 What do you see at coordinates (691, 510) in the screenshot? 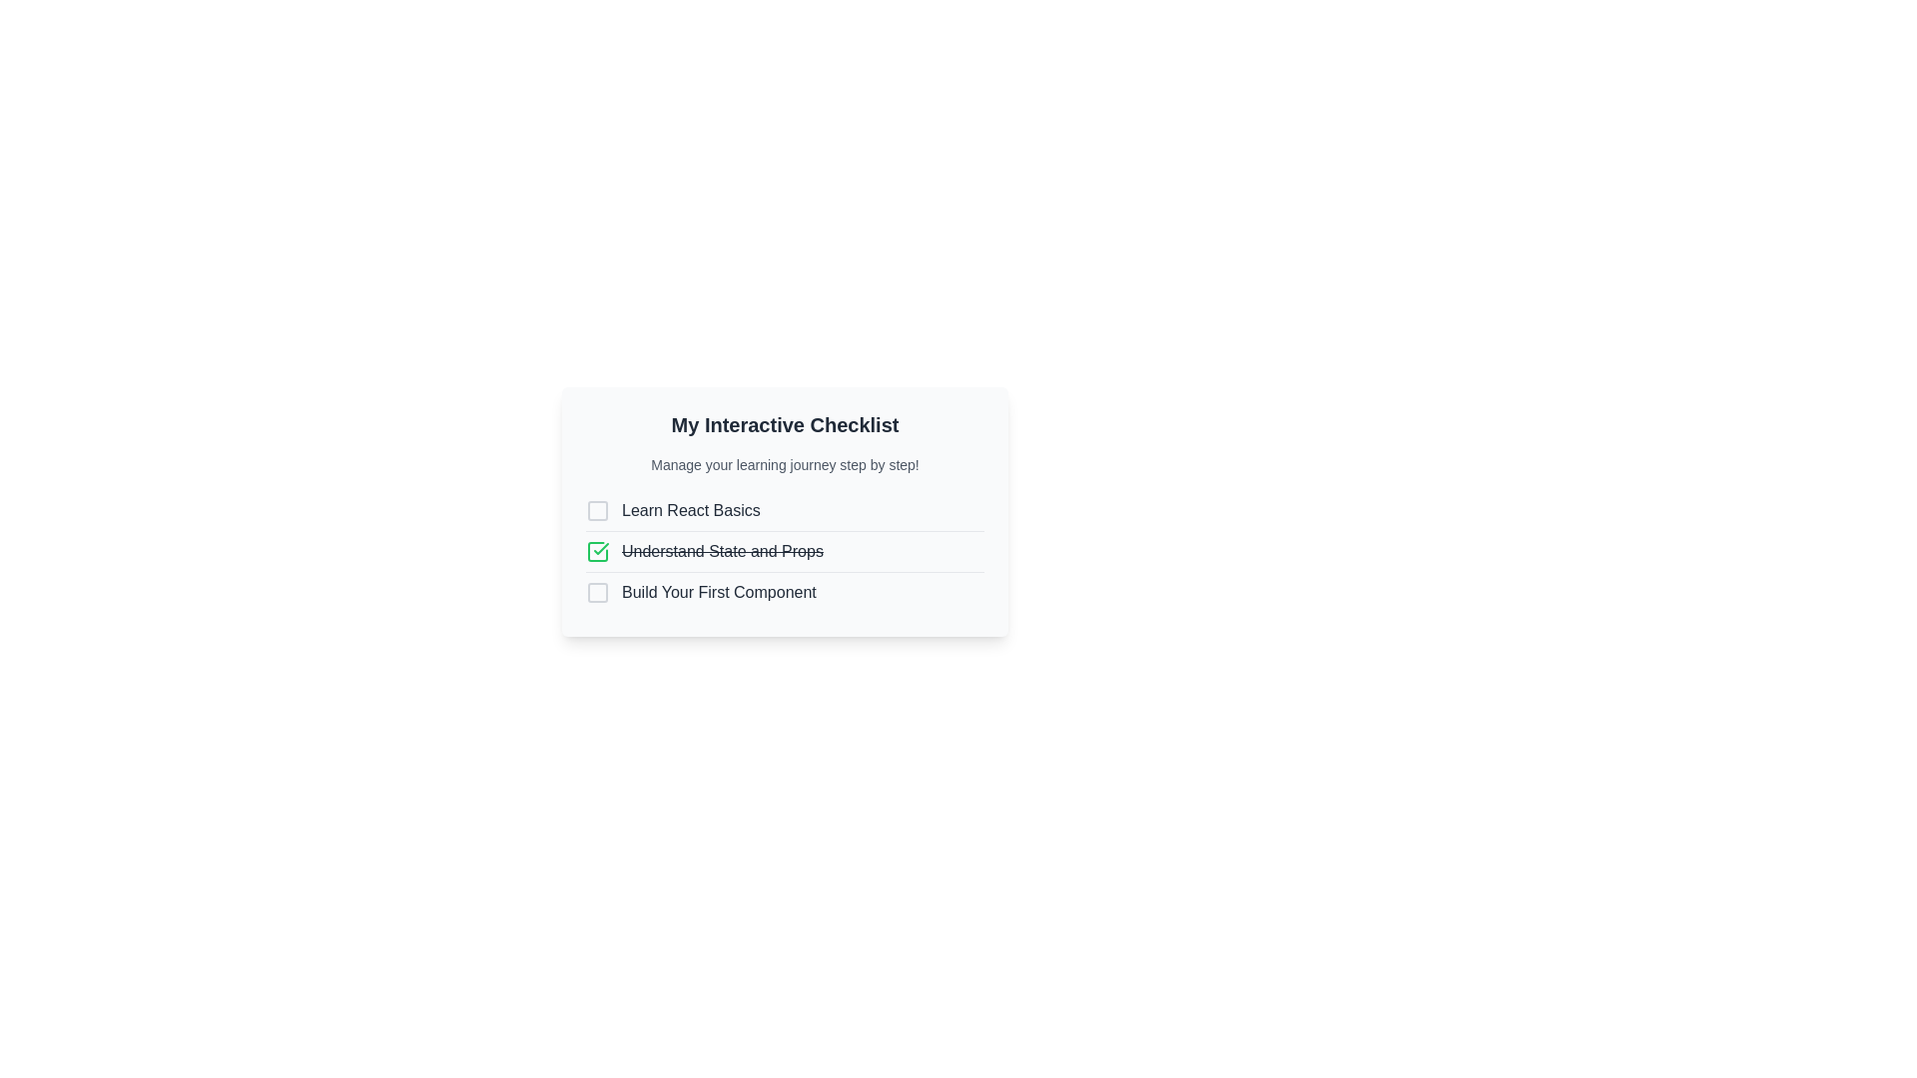
I see `the text element displaying 'Learn React Basics' which is aligned to the right of an unchecked checkbox in a vertical checklist layout` at bounding box center [691, 510].